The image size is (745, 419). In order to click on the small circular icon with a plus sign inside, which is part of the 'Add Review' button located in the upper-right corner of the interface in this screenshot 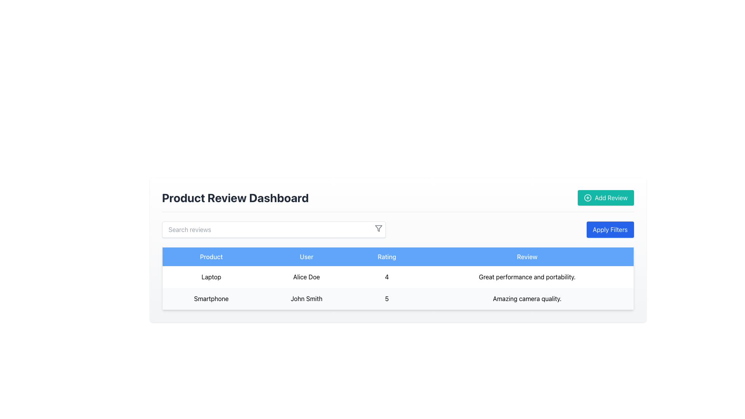, I will do `click(587, 197)`.